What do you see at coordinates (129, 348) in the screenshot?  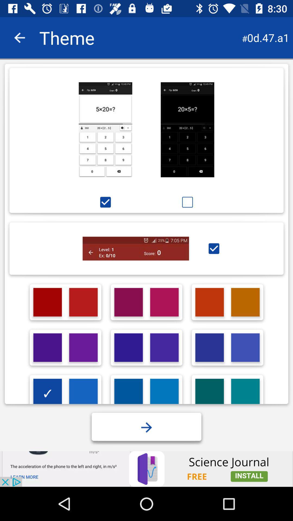 I see `theme color` at bounding box center [129, 348].